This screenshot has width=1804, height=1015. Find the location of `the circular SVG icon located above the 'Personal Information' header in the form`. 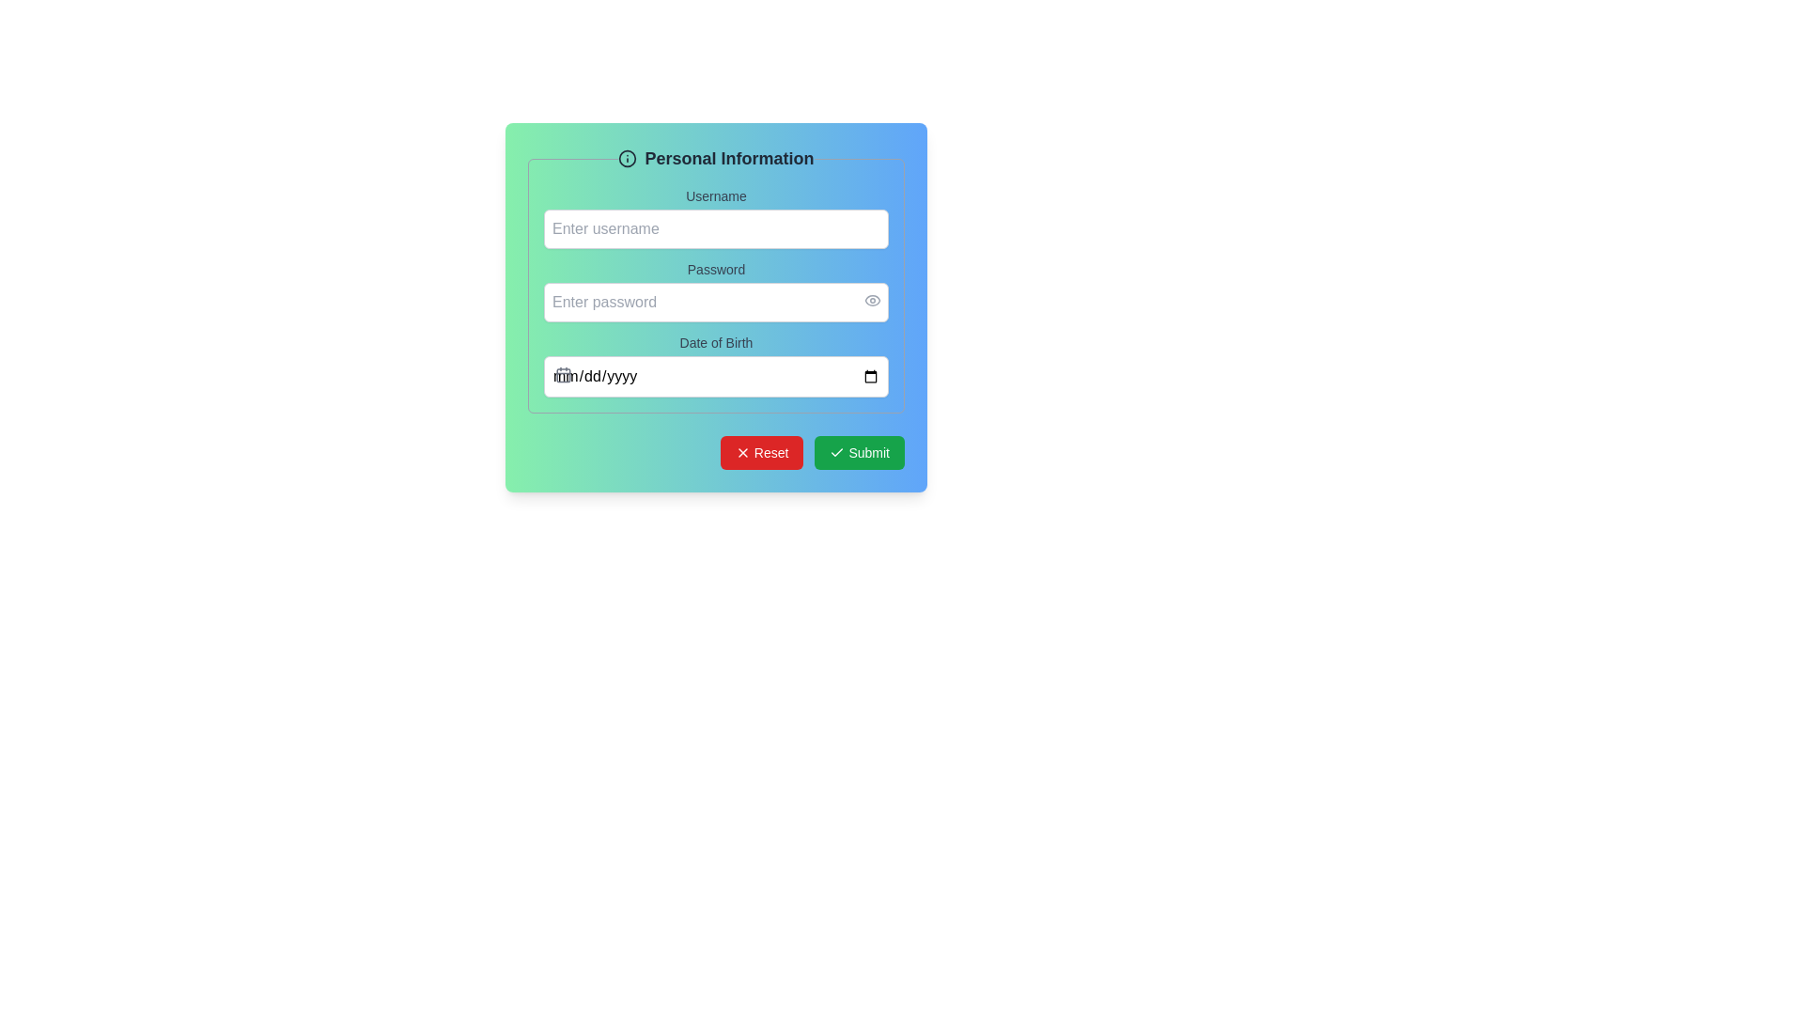

the circular SVG icon located above the 'Personal Information' header in the form is located at coordinates (628, 158).